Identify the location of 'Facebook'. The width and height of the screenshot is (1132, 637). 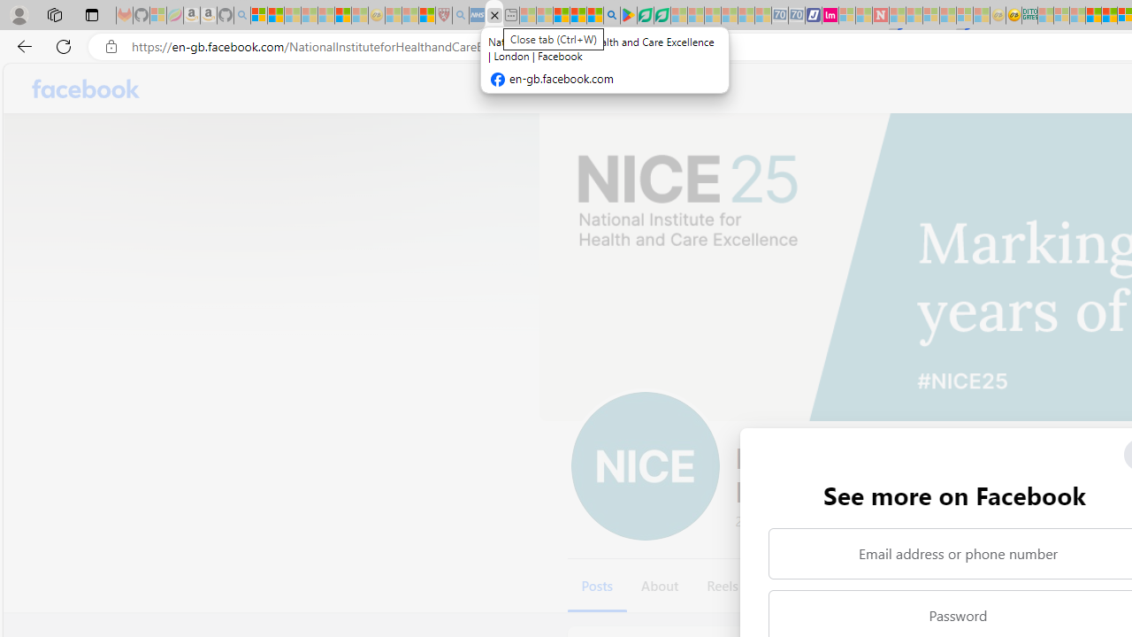
(85, 88).